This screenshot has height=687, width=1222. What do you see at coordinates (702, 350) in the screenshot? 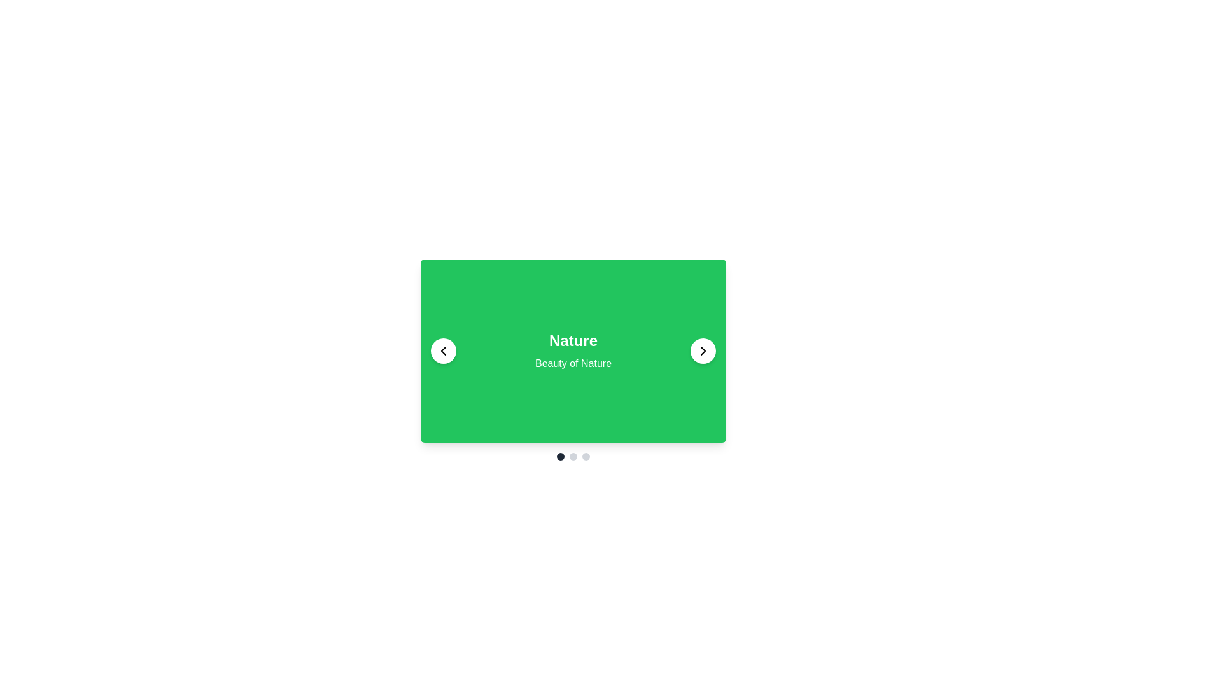
I see `the rightward arrow icon within the circular button on the far right side of the green card` at bounding box center [702, 350].